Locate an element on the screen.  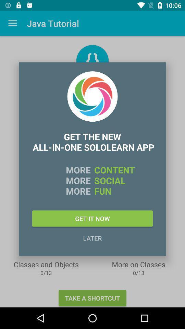
later is located at coordinates (92, 238).